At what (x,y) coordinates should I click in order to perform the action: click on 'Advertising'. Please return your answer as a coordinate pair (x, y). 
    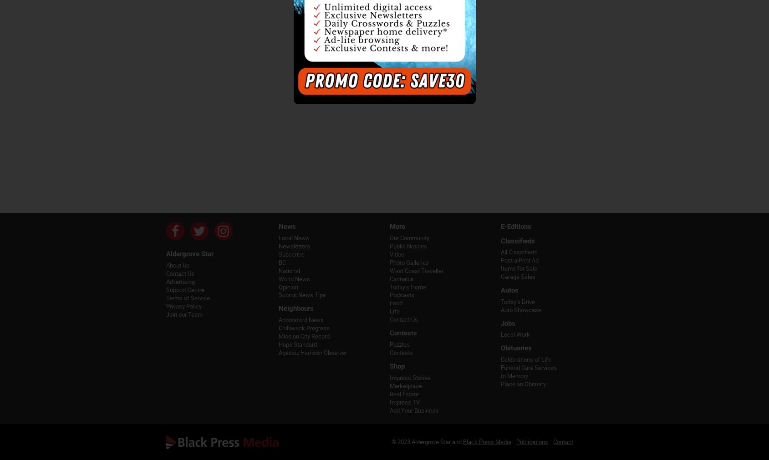
    Looking at the image, I should click on (165, 281).